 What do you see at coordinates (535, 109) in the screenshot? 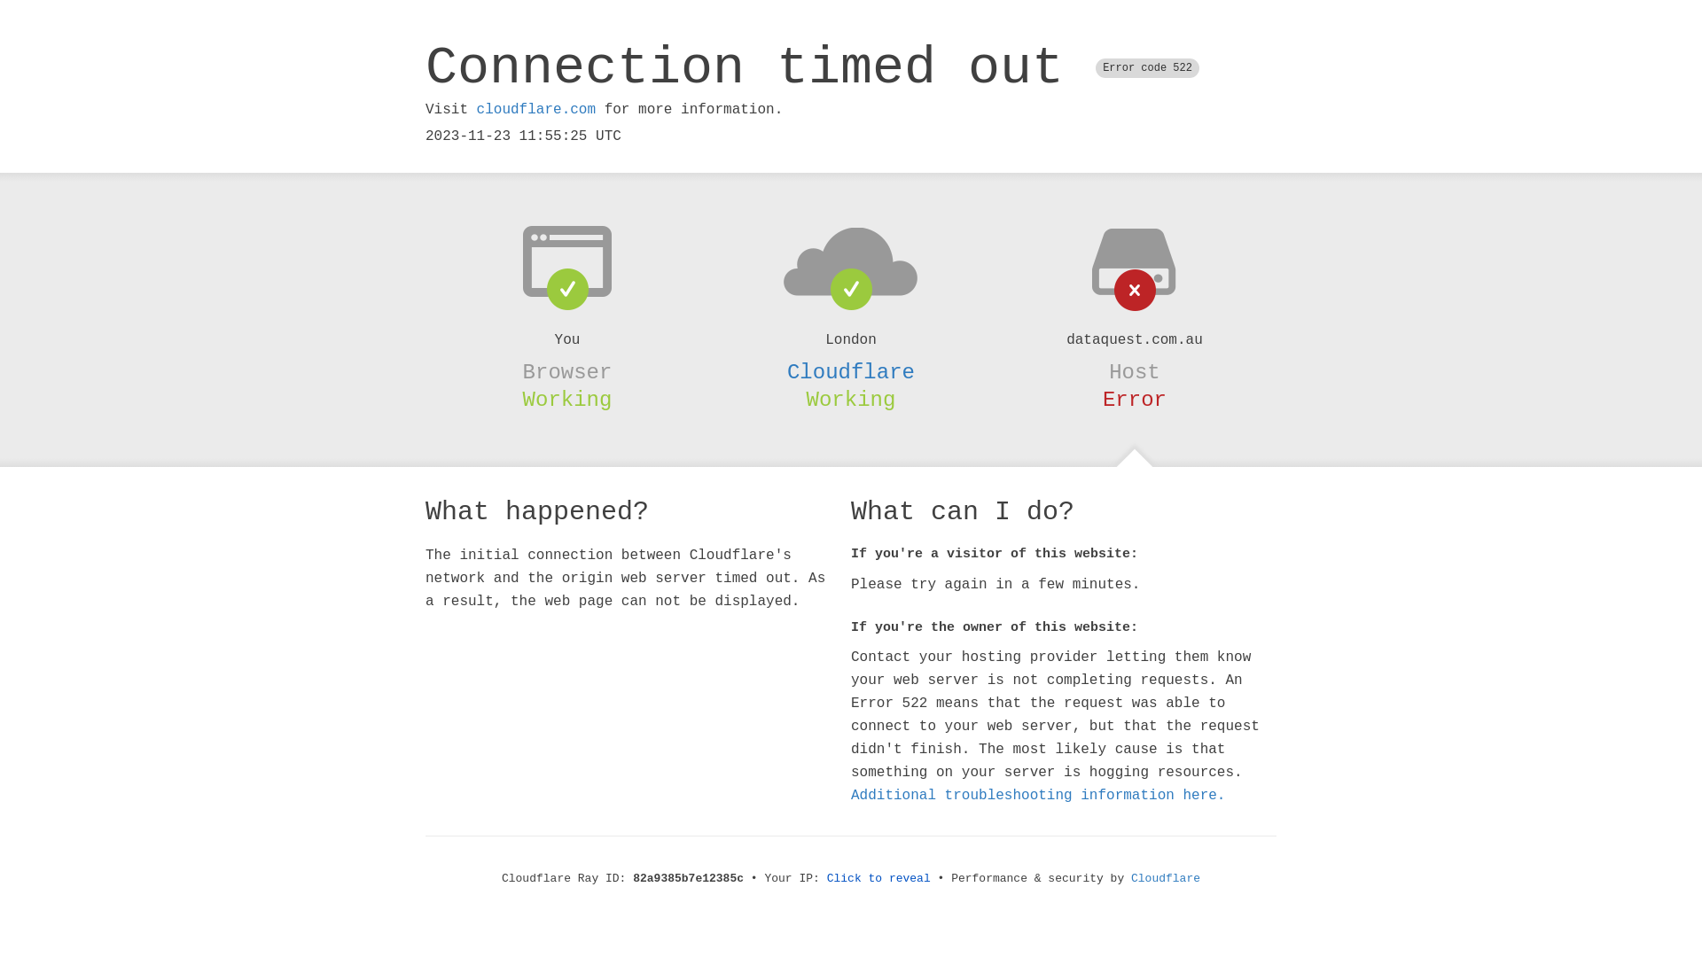
I see `'cloudflare.com'` at bounding box center [535, 109].